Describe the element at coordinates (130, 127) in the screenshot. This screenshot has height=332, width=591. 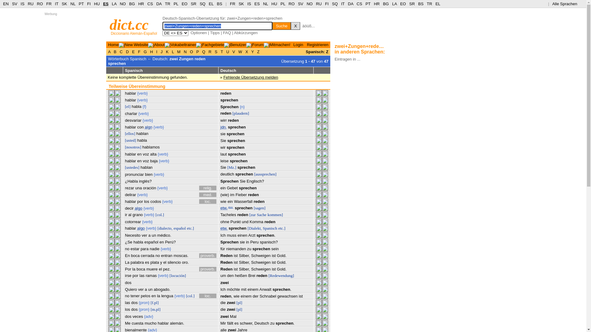
I see `'hablar'` at that location.